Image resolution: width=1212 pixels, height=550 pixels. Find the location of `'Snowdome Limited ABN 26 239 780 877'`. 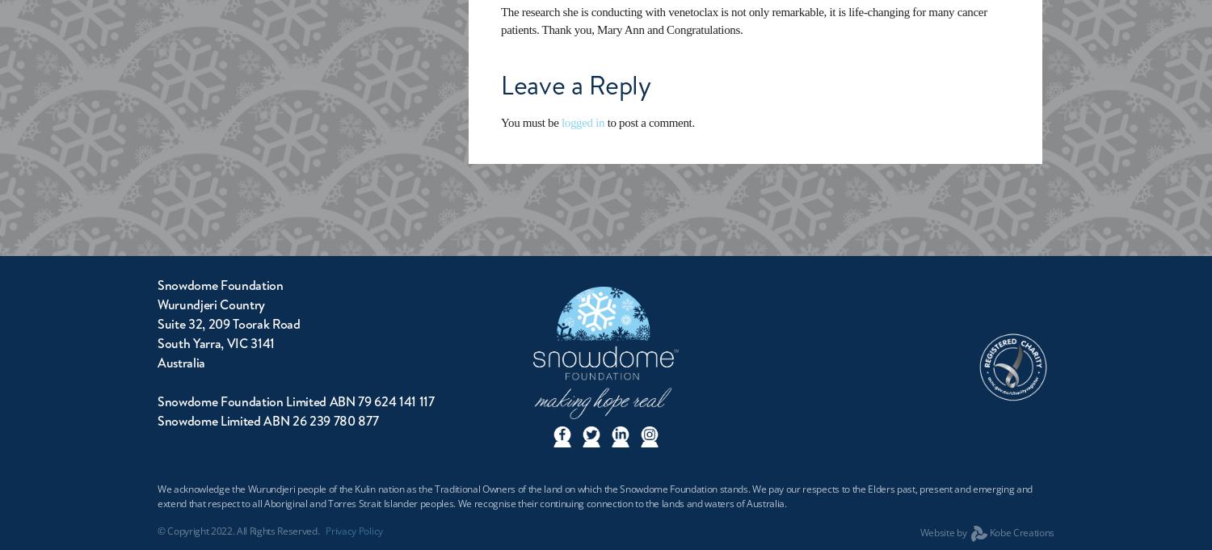

'Snowdome Limited ABN 26 239 780 877' is located at coordinates (267, 421).